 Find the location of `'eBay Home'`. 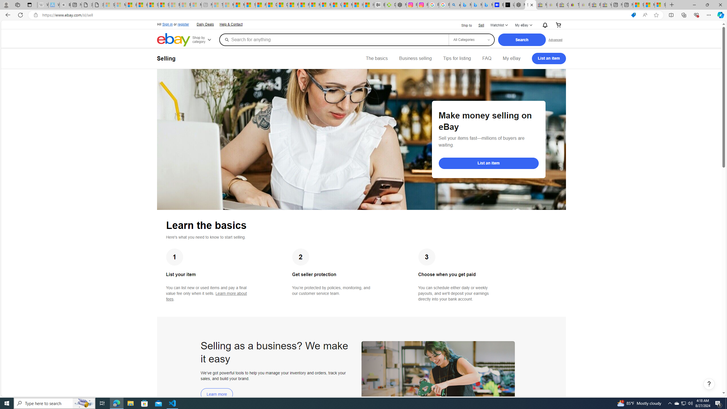

'eBay Home' is located at coordinates (174, 39).